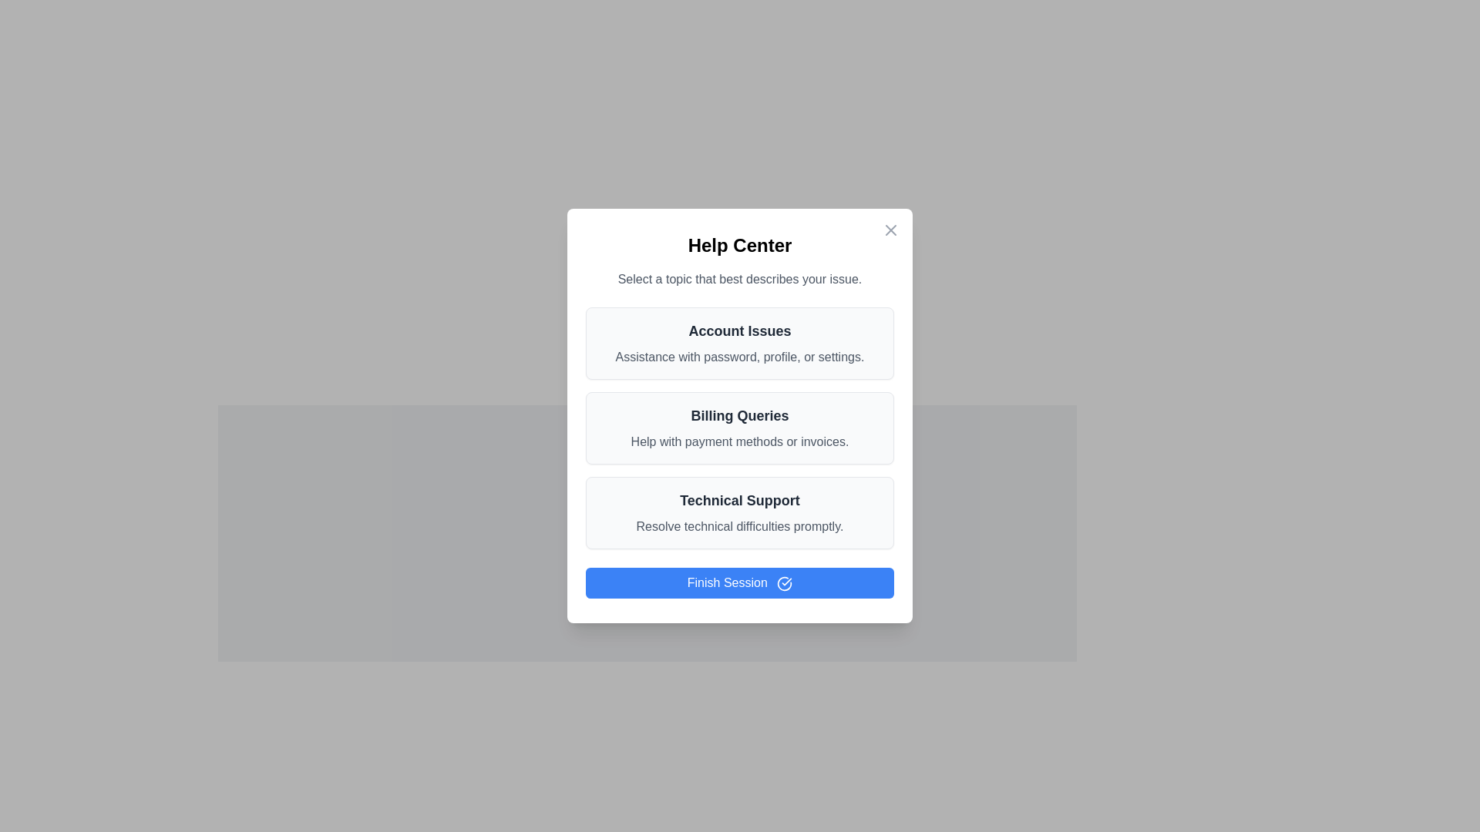 This screenshot has height=832, width=1480. I want to click on the Text Label titled 'Billing Queries' which serves as a heading for the section, located near the top-center of the modal window, above the description text, so click(740, 416).